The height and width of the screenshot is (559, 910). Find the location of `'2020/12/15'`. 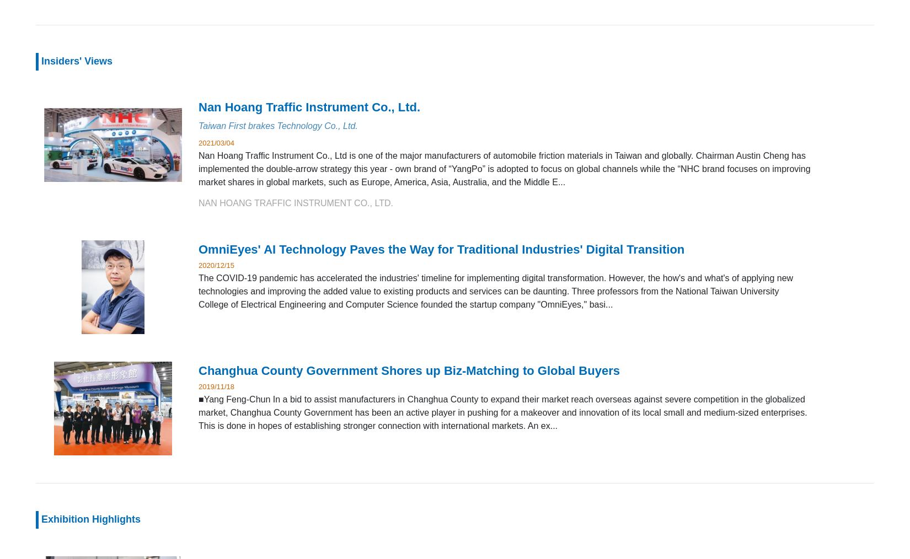

'2020/12/15' is located at coordinates (216, 265).